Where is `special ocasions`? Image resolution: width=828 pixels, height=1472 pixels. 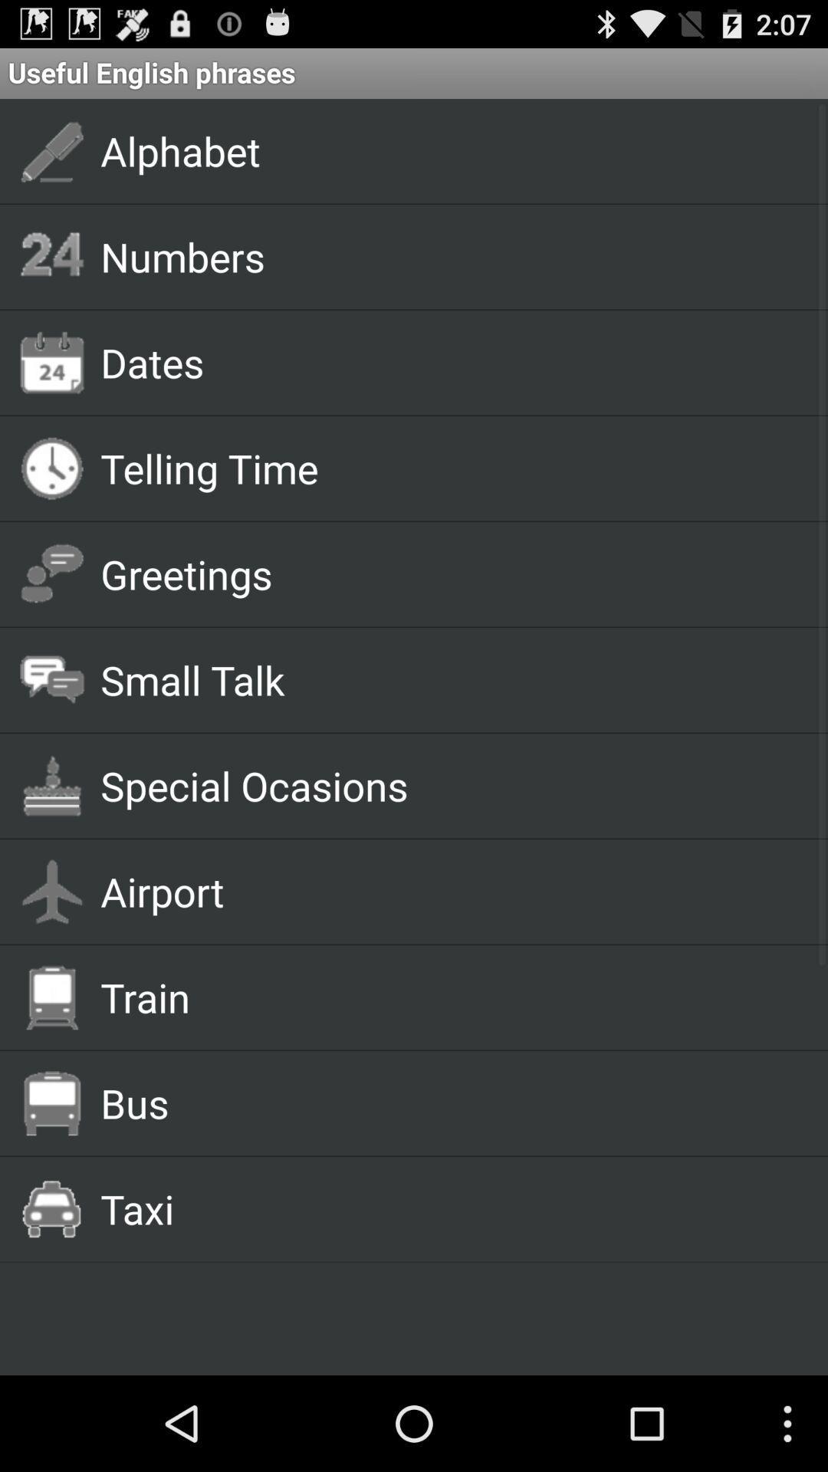
special ocasions is located at coordinates (446, 785).